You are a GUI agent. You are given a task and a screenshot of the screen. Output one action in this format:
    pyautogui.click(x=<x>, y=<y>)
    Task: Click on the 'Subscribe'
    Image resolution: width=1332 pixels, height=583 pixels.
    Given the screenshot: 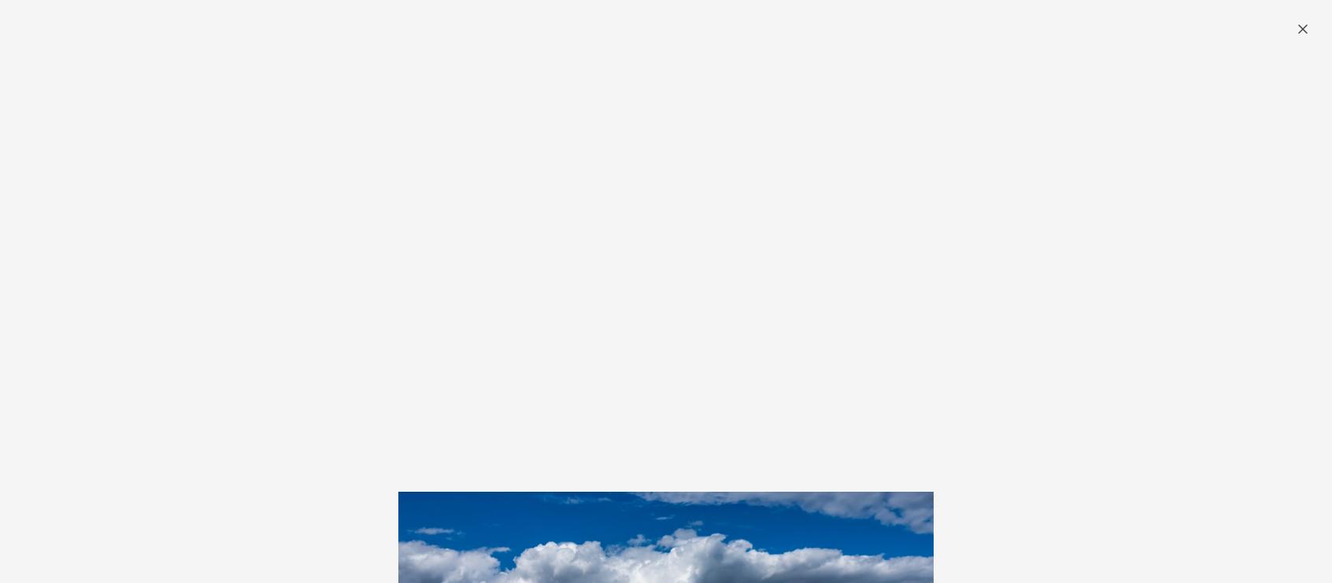 What is the action you would take?
    pyautogui.click(x=1102, y=532)
    